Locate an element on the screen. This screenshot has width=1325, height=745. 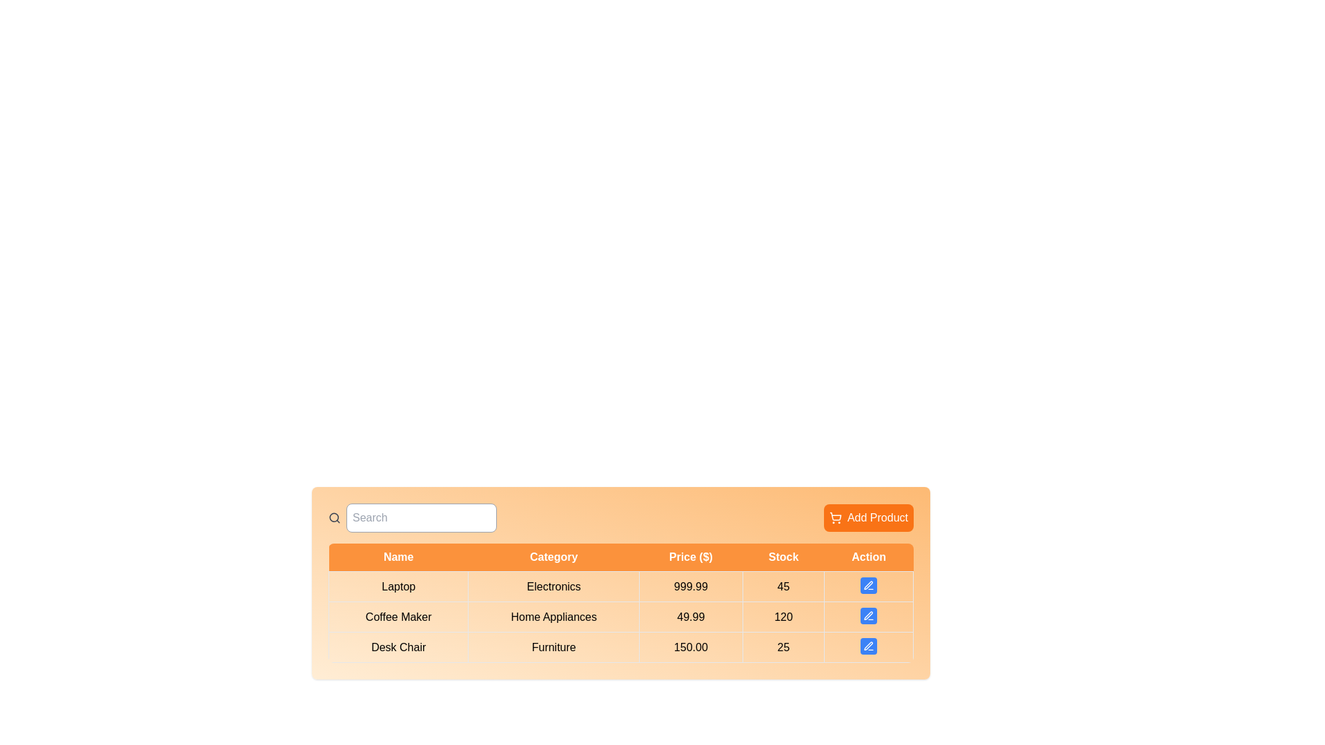
the pen icon within the blue button in the Action column of the first row associated with the Laptop item is located at coordinates (868, 585).